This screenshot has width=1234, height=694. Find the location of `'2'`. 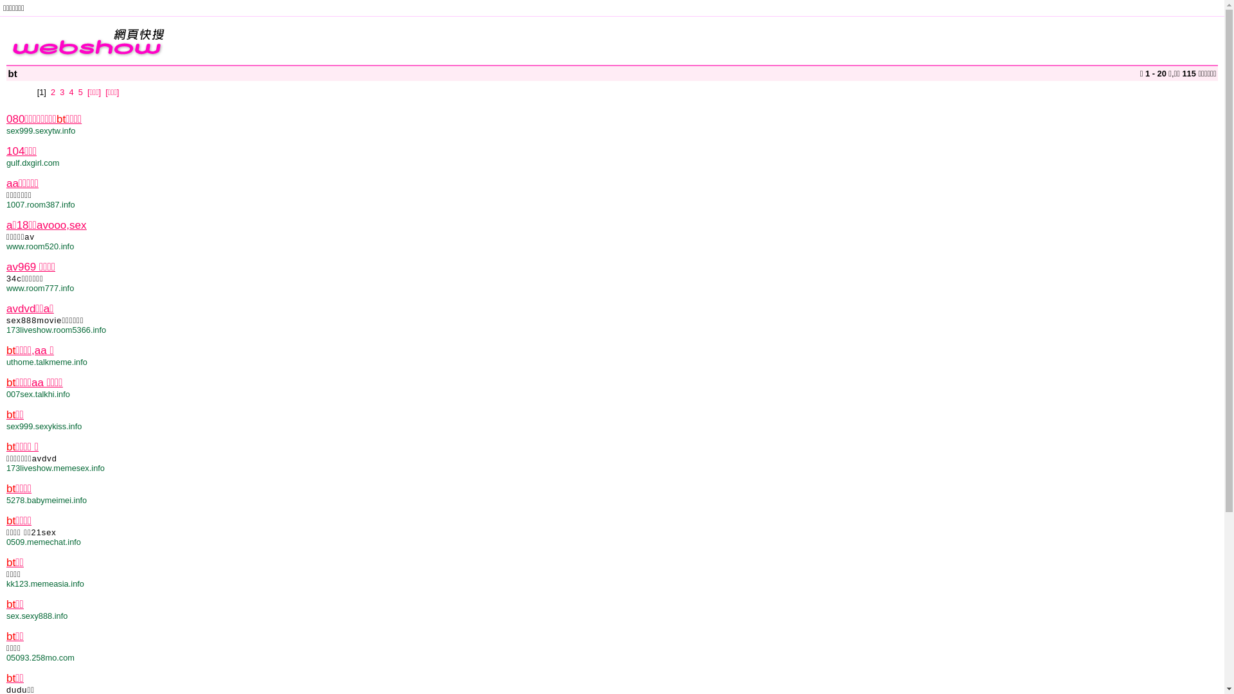

'2' is located at coordinates (52, 91).